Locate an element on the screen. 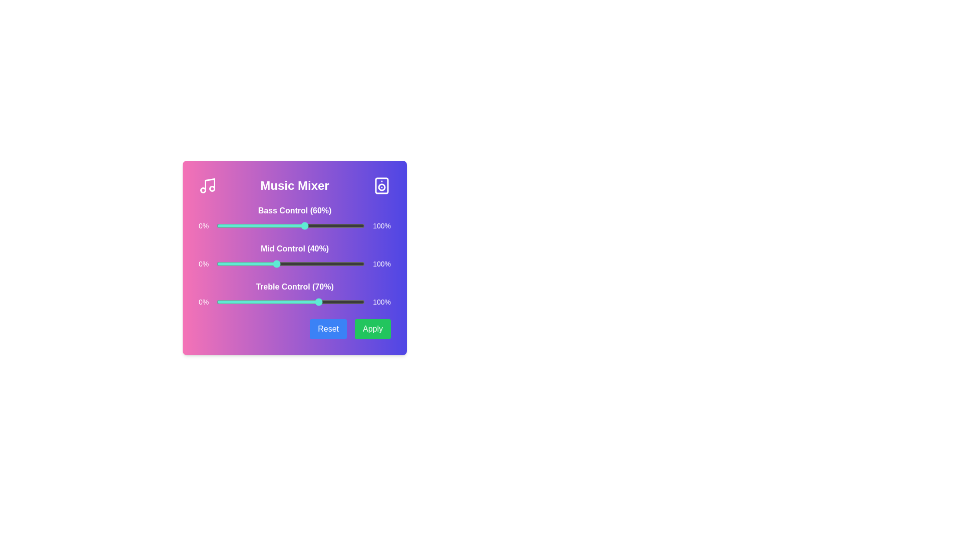 This screenshot has width=961, height=541. the mid control slider to 35% is located at coordinates (268, 263).